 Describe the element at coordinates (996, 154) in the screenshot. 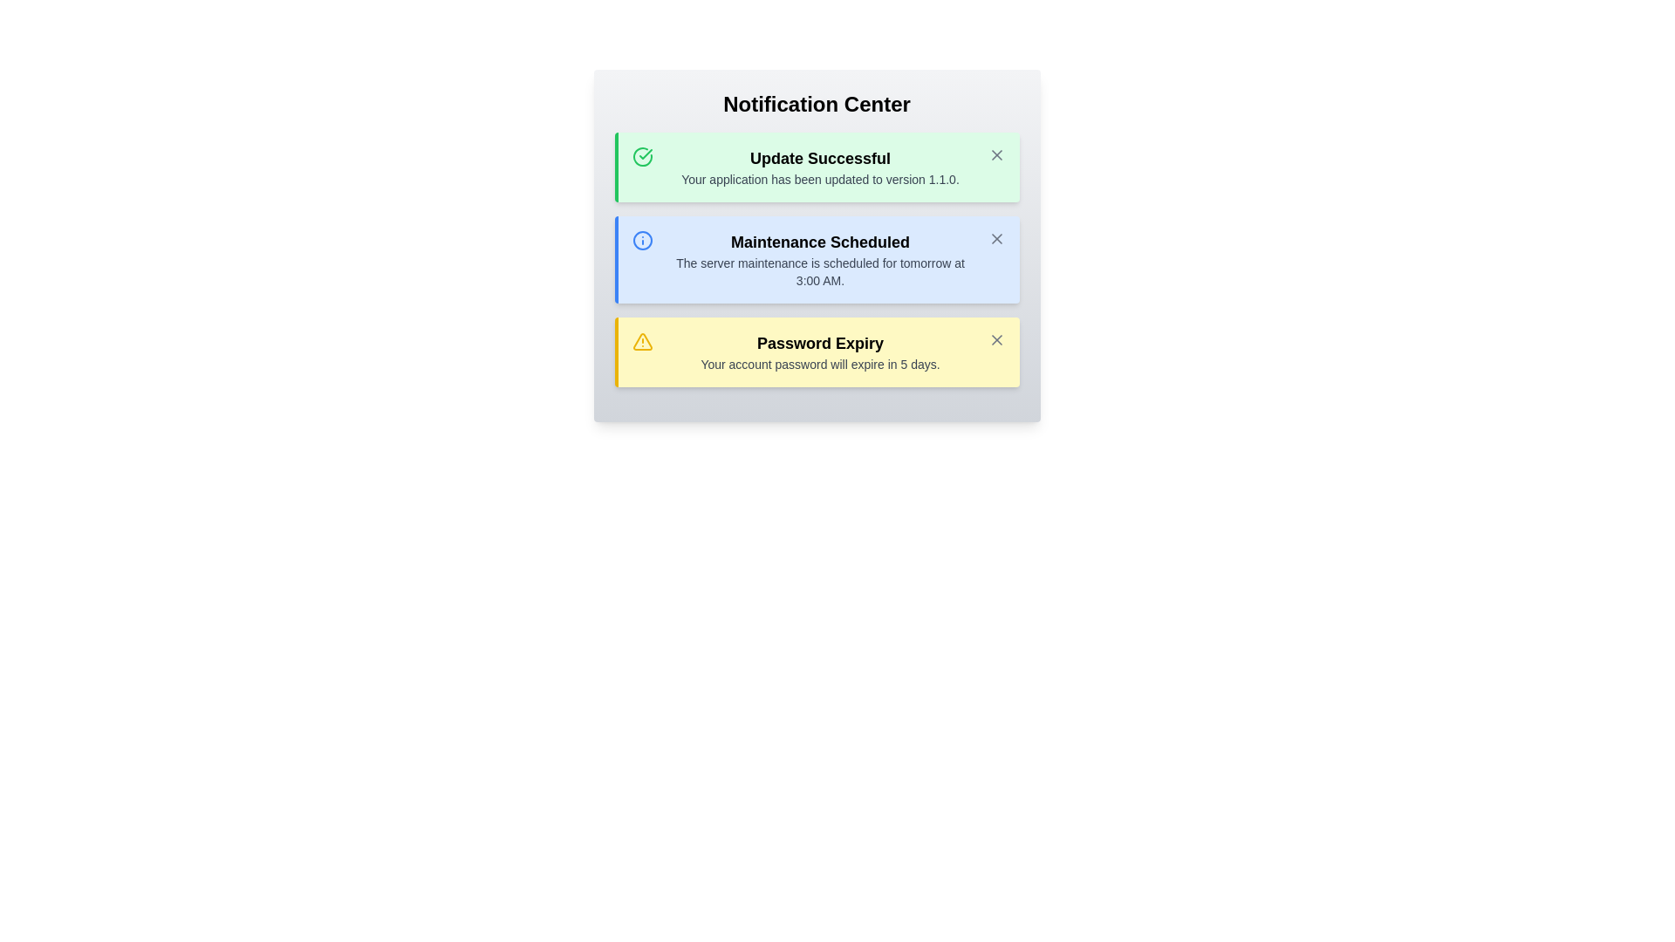

I see `the cross icon button in the 'Update Successful' notification` at that location.